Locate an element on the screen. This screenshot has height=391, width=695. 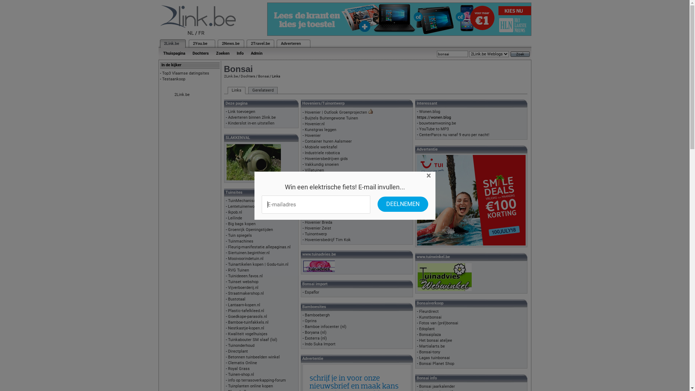
'Big bags kopen' is located at coordinates (241, 223).